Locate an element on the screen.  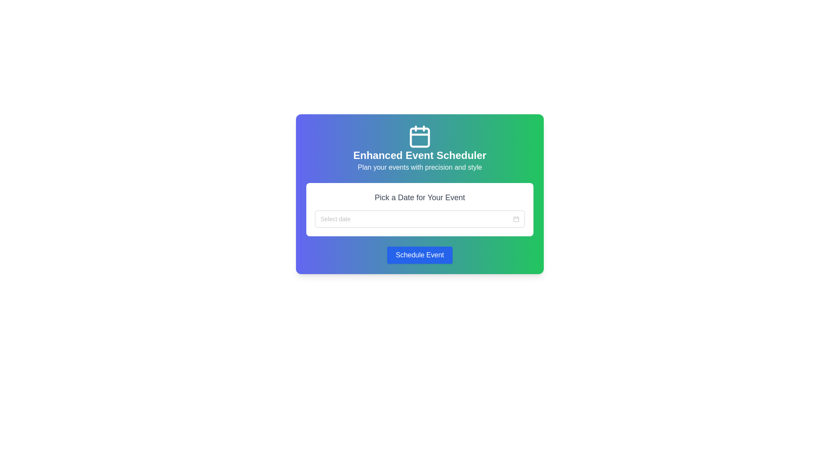
the Date Picker Input Field which has a placeholder text 'Select date' and a calendar icon on the right to start typing a date is located at coordinates (419, 218).